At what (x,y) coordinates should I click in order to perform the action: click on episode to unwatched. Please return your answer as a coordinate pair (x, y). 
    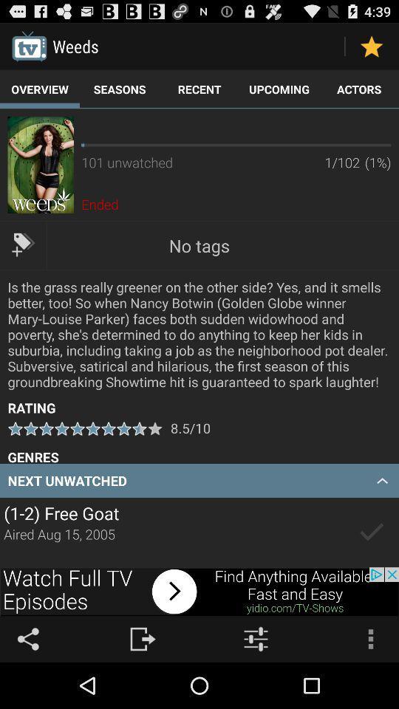
    Looking at the image, I should click on (371, 532).